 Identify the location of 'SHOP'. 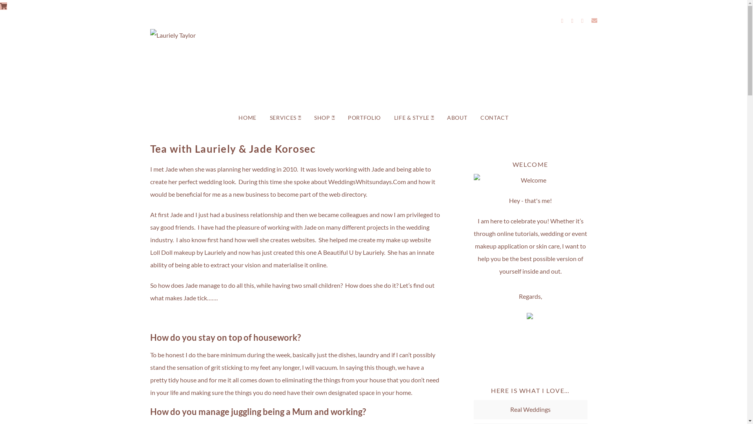
(324, 118).